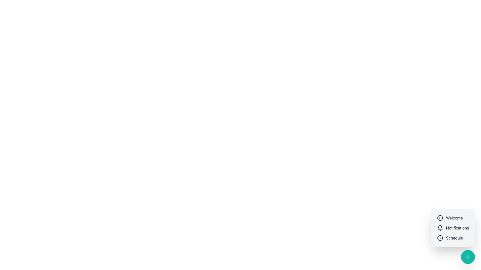  Describe the element at coordinates (440, 227) in the screenshot. I see `the upper section of the bell-shaped notification icon in the Notifications menu, which is the second item following the Welcome icon` at that location.